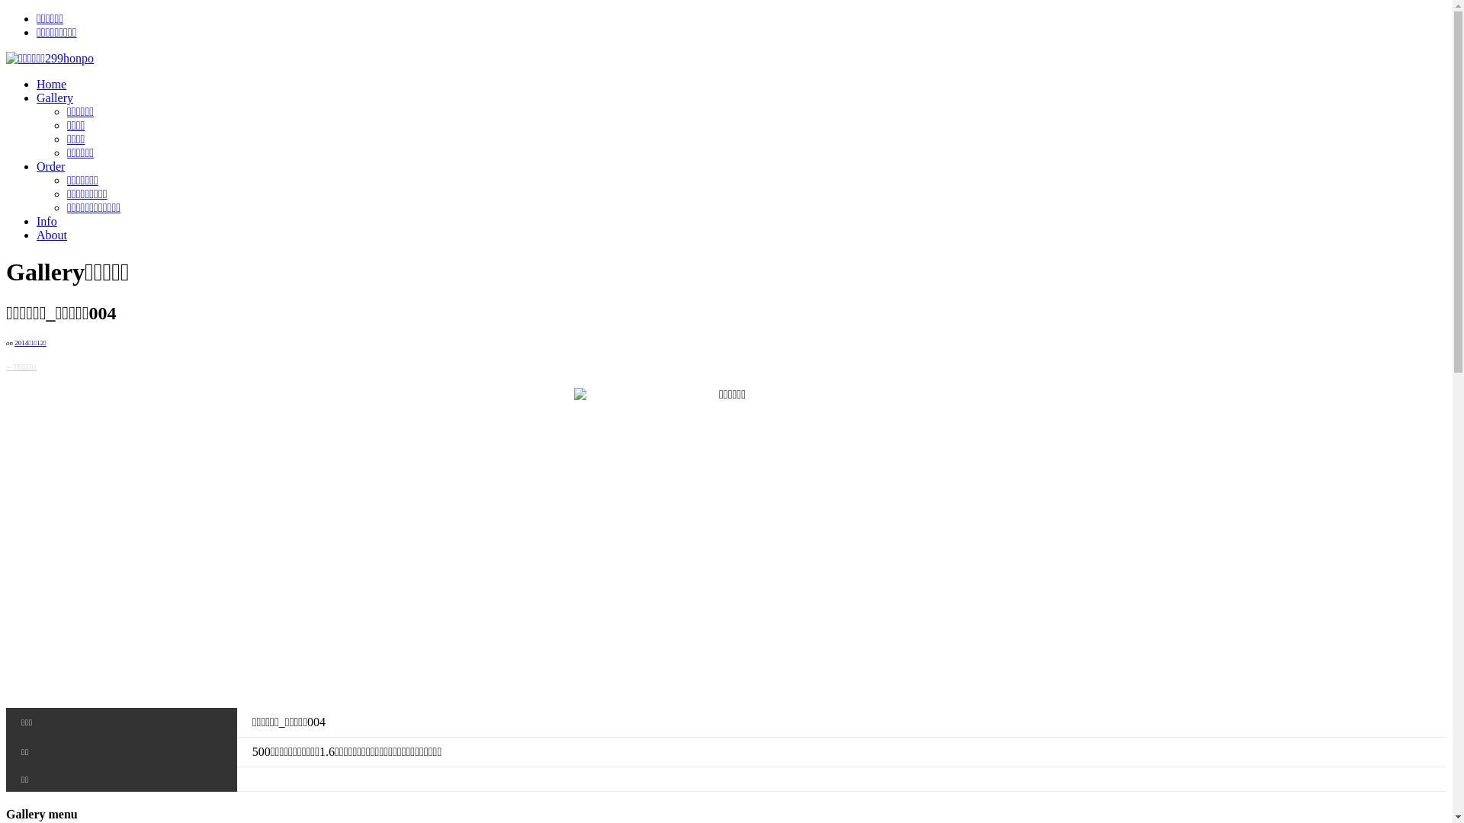  What do you see at coordinates (37, 235) in the screenshot?
I see `'About'` at bounding box center [37, 235].